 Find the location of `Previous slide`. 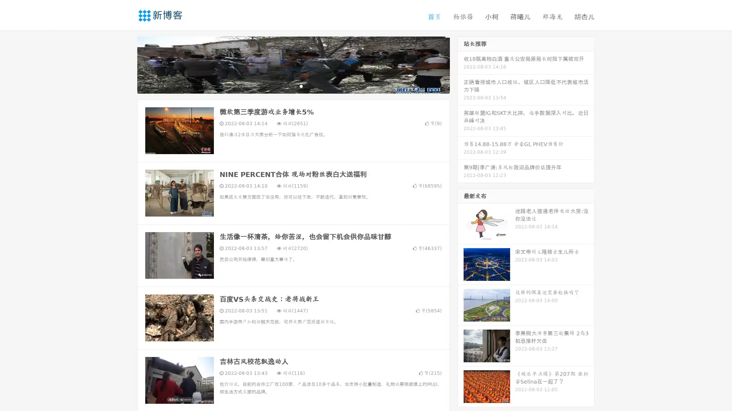

Previous slide is located at coordinates (126, 64).